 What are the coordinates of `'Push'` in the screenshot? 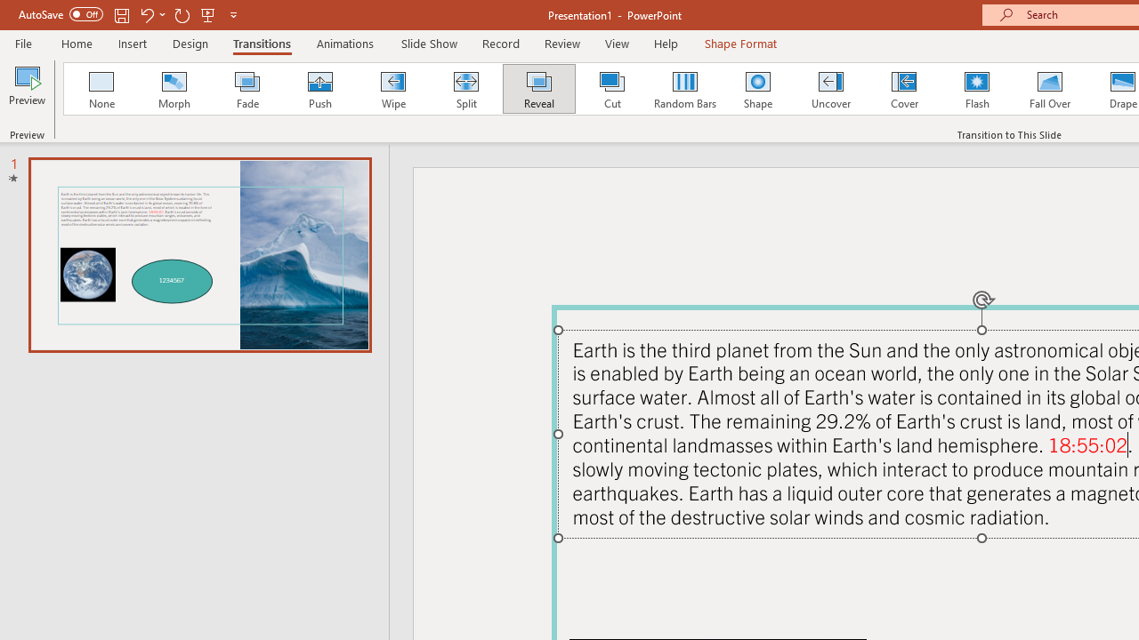 It's located at (319, 89).